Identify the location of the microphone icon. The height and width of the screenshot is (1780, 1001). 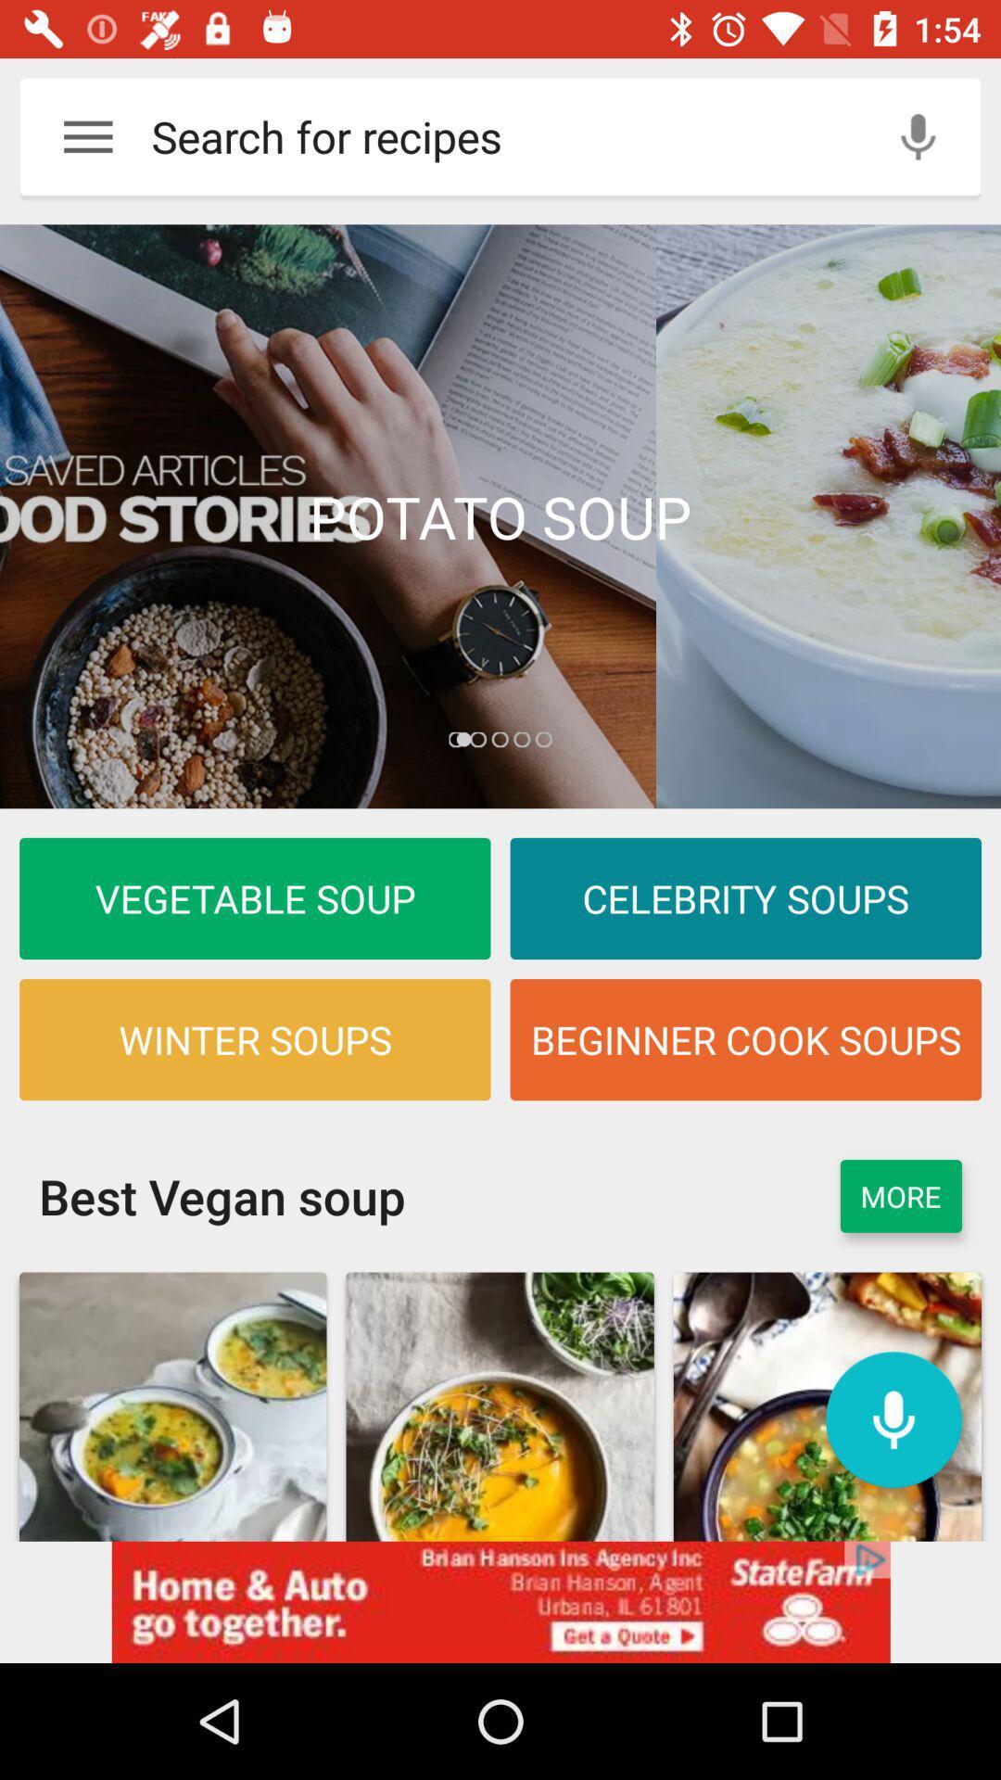
(893, 1418).